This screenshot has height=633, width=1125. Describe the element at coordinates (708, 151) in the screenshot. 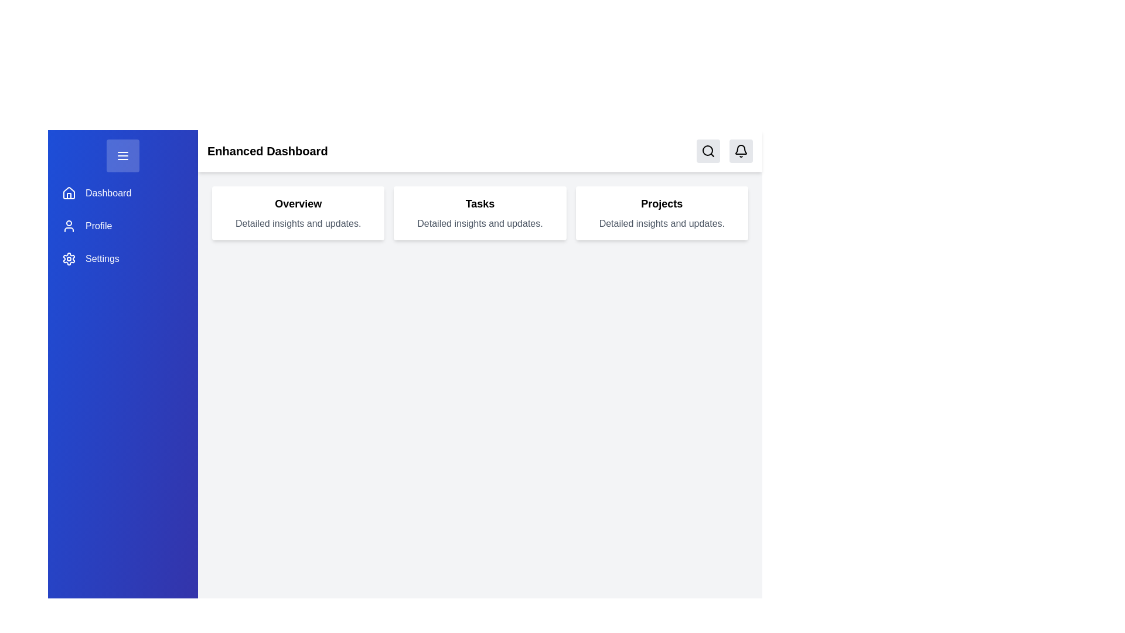

I see `the Icon-button with an SVG search icon located in the top-right section of the interface to initiate a search action` at that location.